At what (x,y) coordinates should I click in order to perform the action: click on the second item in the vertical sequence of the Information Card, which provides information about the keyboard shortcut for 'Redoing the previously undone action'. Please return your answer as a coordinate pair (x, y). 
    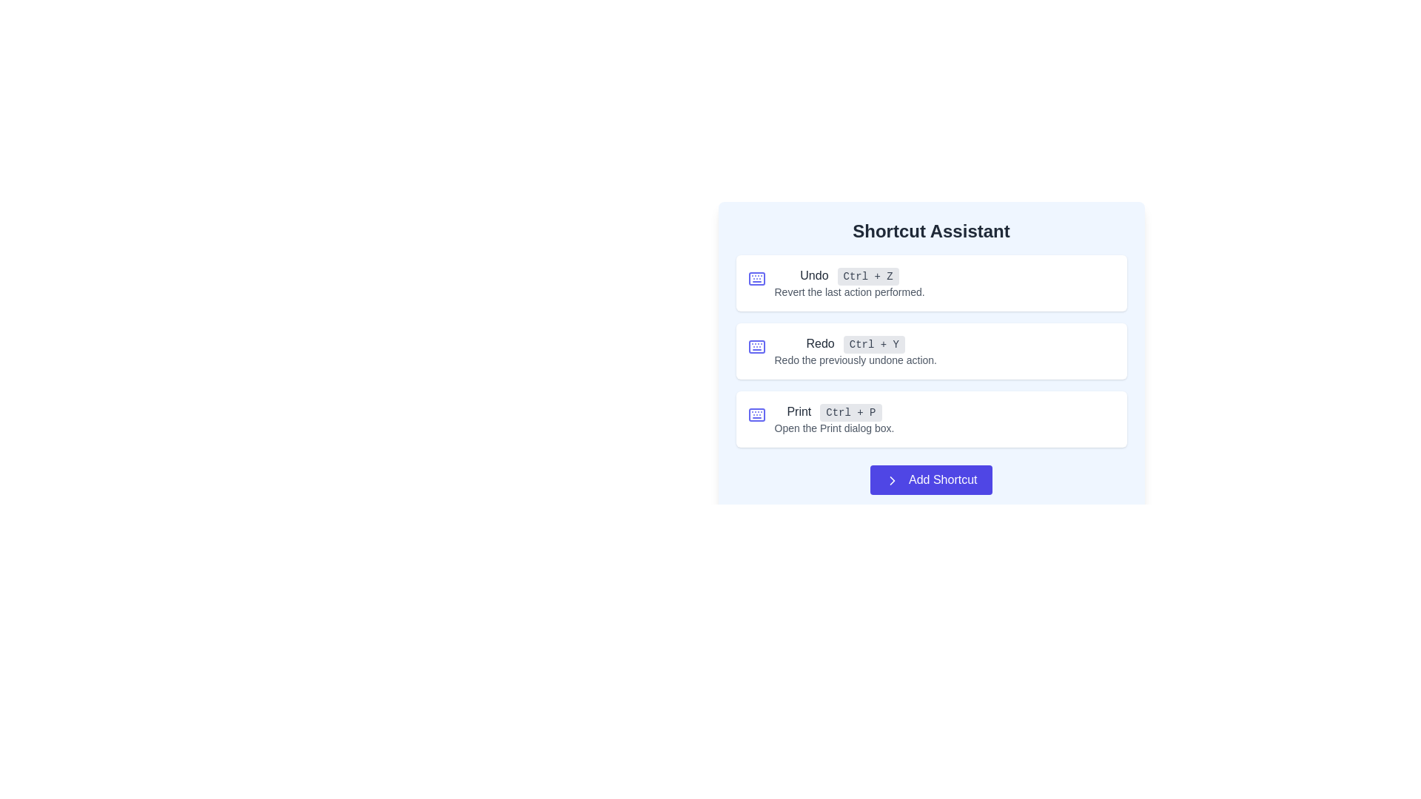
    Looking at the image, I should click on (930, 344).